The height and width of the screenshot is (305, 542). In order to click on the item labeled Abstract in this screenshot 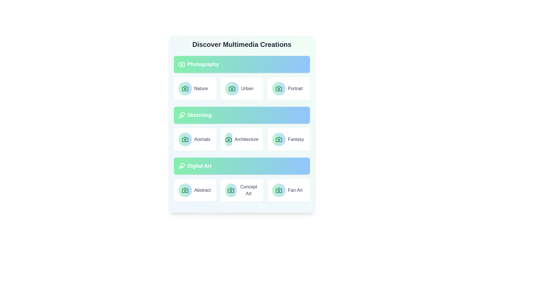, I will do `click(195, 190)`.